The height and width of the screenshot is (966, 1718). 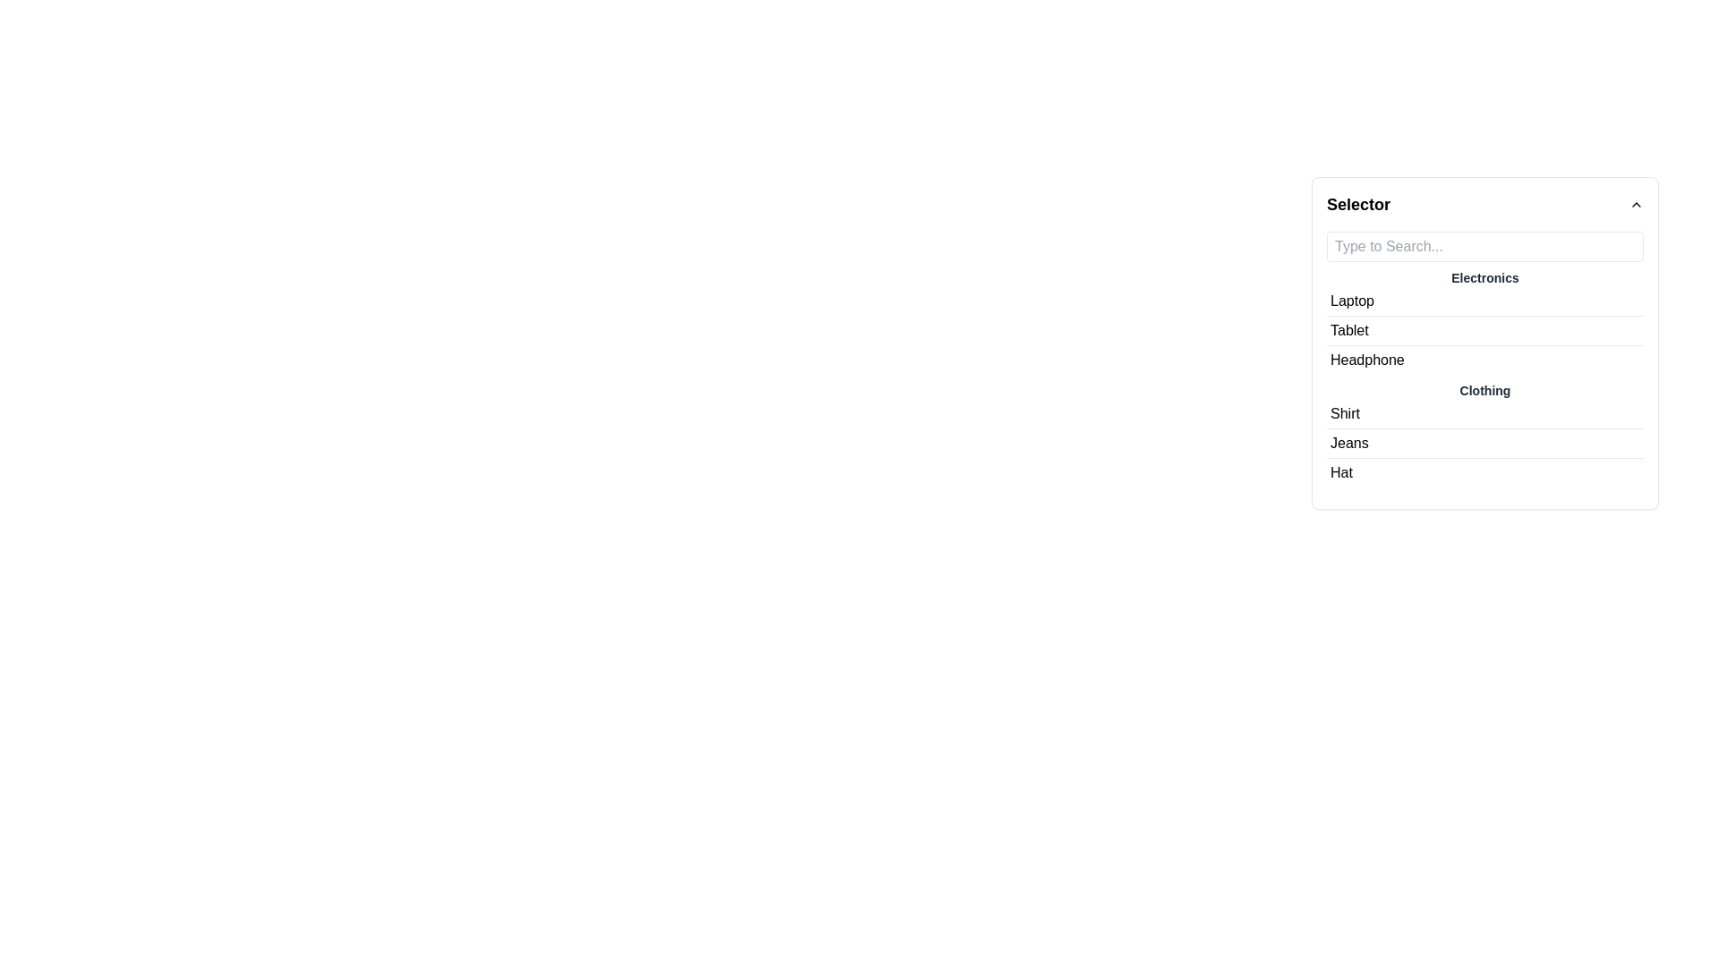 I want to click on the text label displaying 'Clothing', which is the fourth item in a vertically aligned list of products, so click(x=1485, y=377).